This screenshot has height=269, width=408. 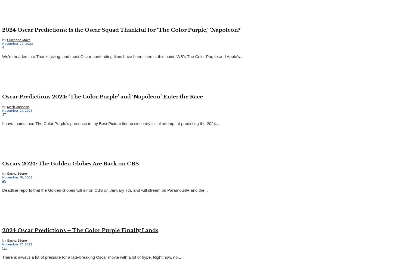 What do you see at coordinates (3, 47) in the screenshot?
I see `'4'` at bounding box center [3, 47].